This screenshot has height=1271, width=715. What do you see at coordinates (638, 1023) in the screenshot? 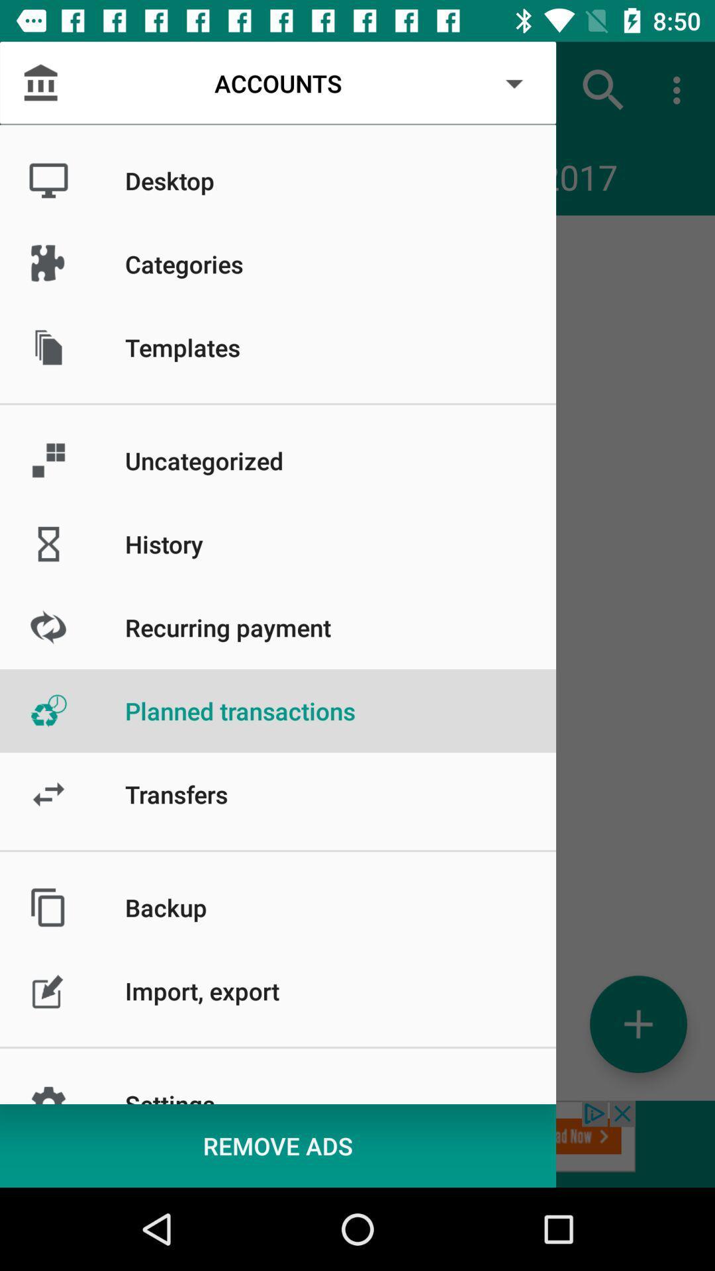
I see `icon below 02/2017 item` at bounding box center [638, 1023].